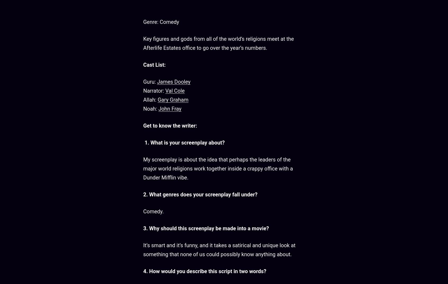 Image resolution: width=448 pixels, height=284 pixels. Describe the element at coordinates (143, 228) in the screenshot. I see `'3. Why should this screenplay be made into a movie?'` at that location.